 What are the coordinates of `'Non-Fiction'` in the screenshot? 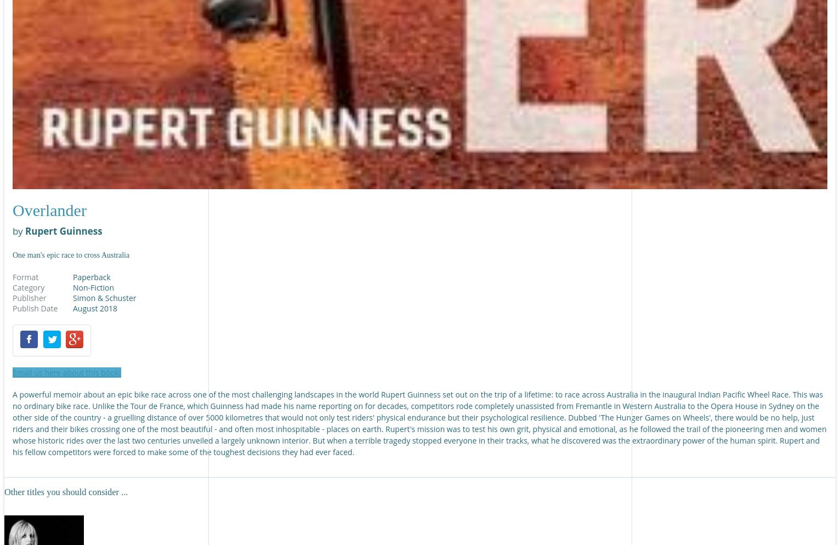 It's located at (93, 287).